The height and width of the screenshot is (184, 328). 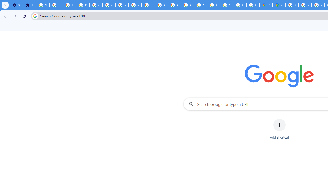 I want to click on 'Settings - On startup', so click(x=16, y=5).